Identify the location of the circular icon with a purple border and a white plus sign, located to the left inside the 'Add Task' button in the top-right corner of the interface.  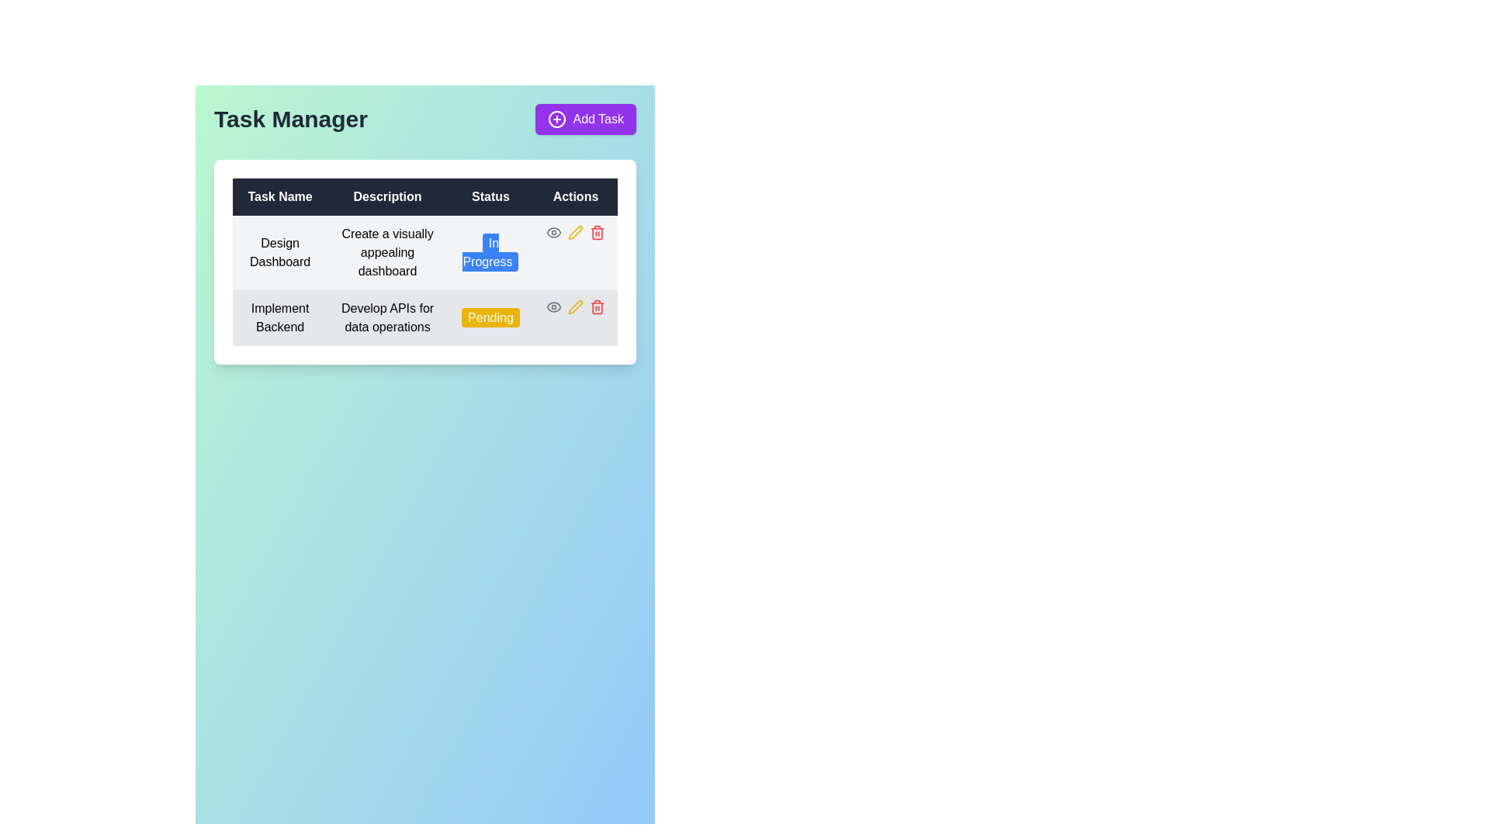
(557, 119).